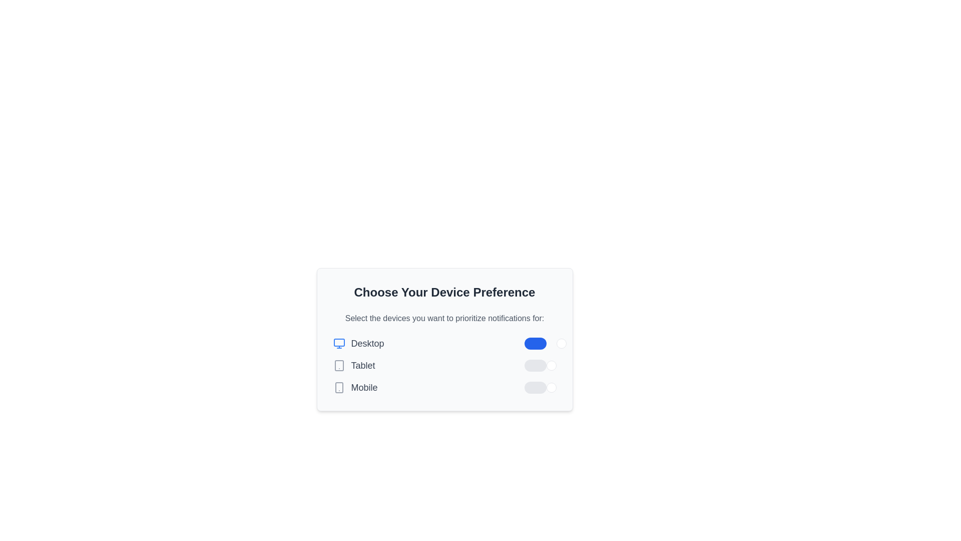  What do you see at coordinates (535, 343) in the screenshot?
I see `the background of the blue toggle switch indicating an active state, located within the 'Choose Your Device Preference' form for 'Desktop'` at bounding box center [535, 343].